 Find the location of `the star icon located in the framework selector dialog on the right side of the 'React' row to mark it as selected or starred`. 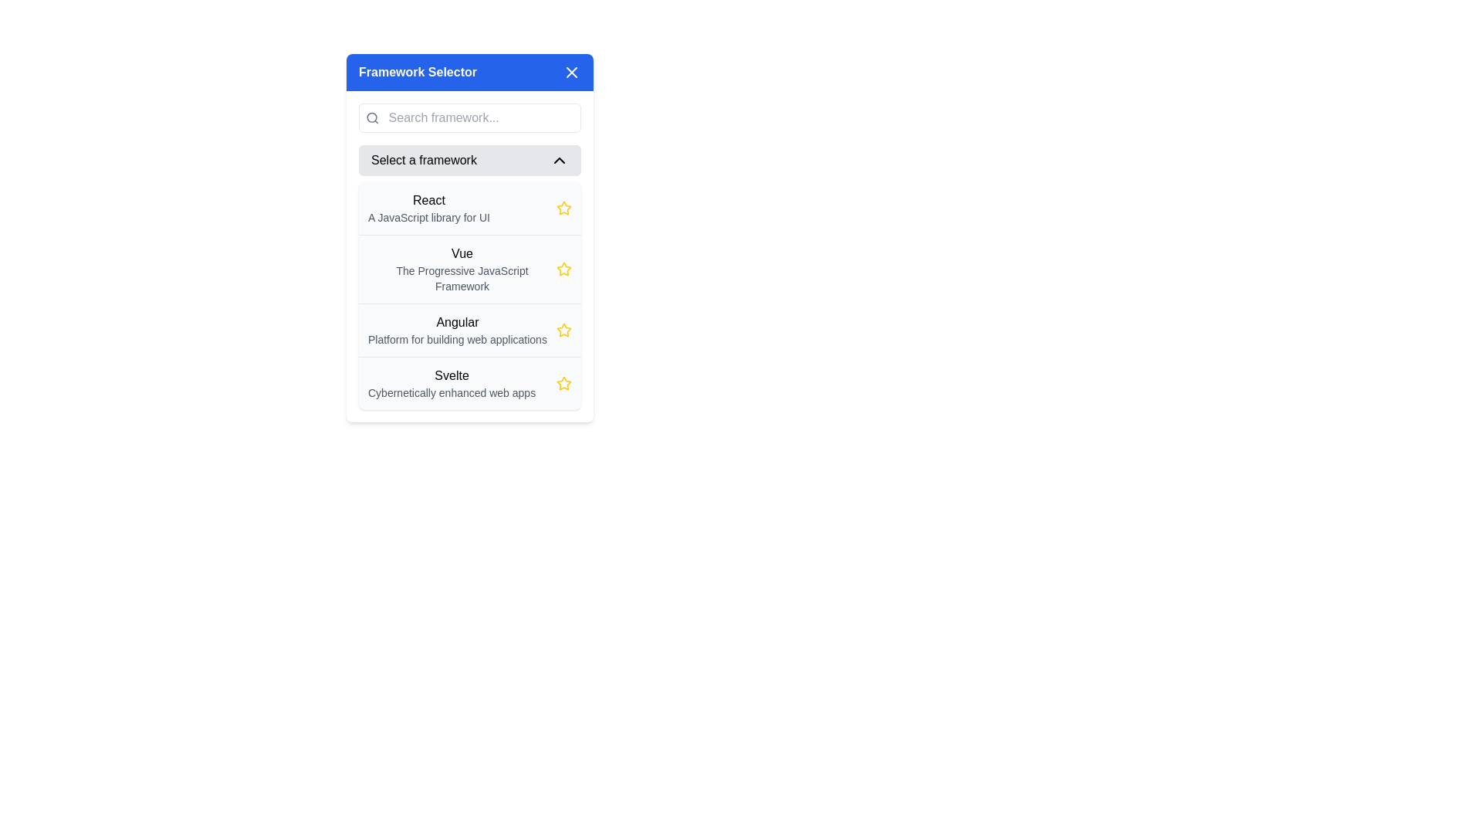

the star icon located in the framework selector dialog on the right side of the 'React' row to mark it as selected or starred is located at coordinates (563, 207).